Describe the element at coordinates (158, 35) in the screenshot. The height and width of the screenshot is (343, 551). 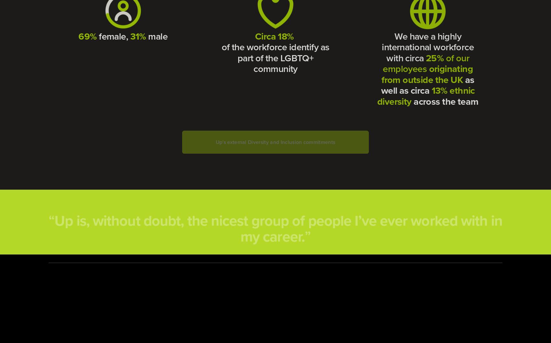
I see `'male'` at that location.